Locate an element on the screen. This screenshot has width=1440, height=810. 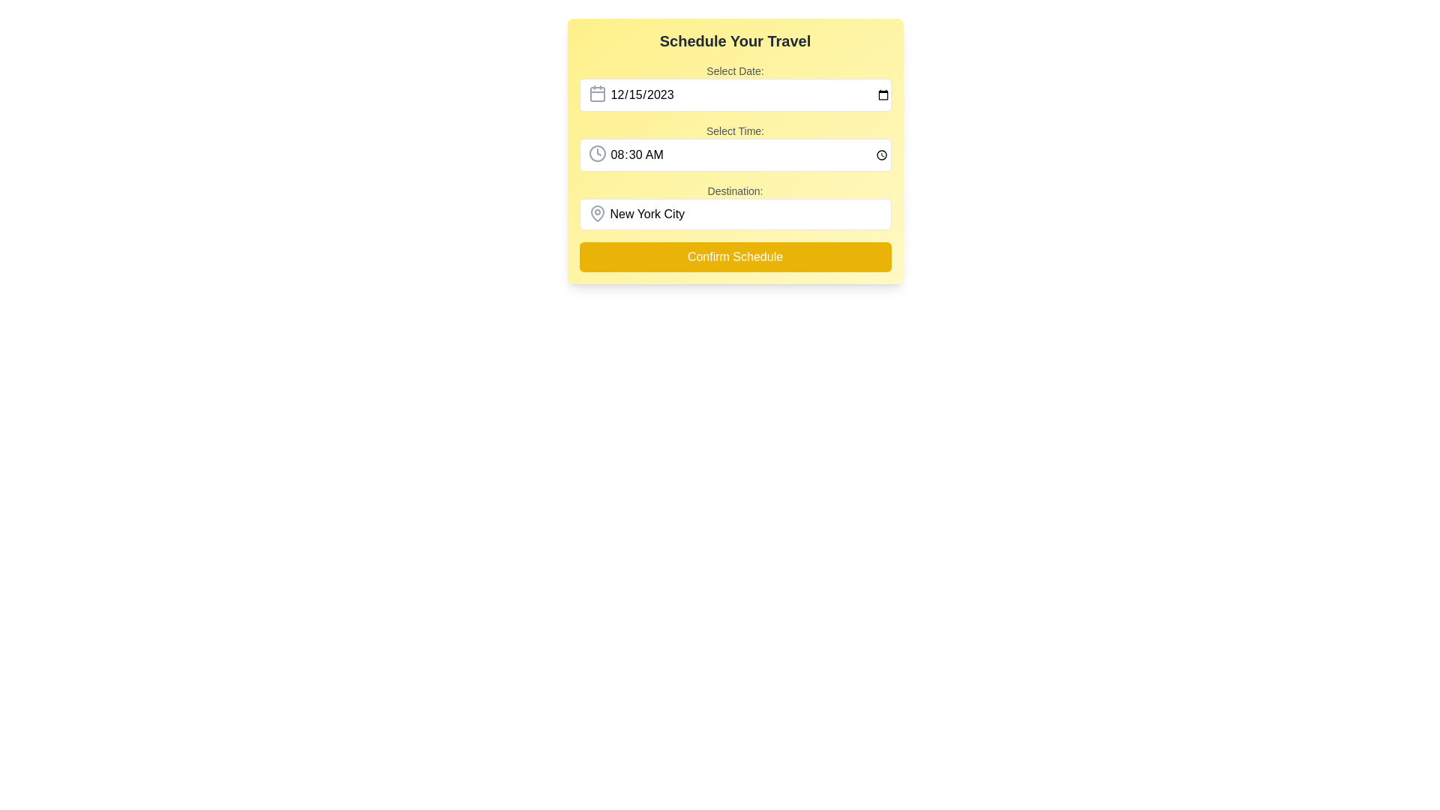
the pin-shaped icon within the 'Destination' field of the 'Schedule Your Travel' form, which resembles a location marker and is styled in light gray is located at coordinates (596, 214).